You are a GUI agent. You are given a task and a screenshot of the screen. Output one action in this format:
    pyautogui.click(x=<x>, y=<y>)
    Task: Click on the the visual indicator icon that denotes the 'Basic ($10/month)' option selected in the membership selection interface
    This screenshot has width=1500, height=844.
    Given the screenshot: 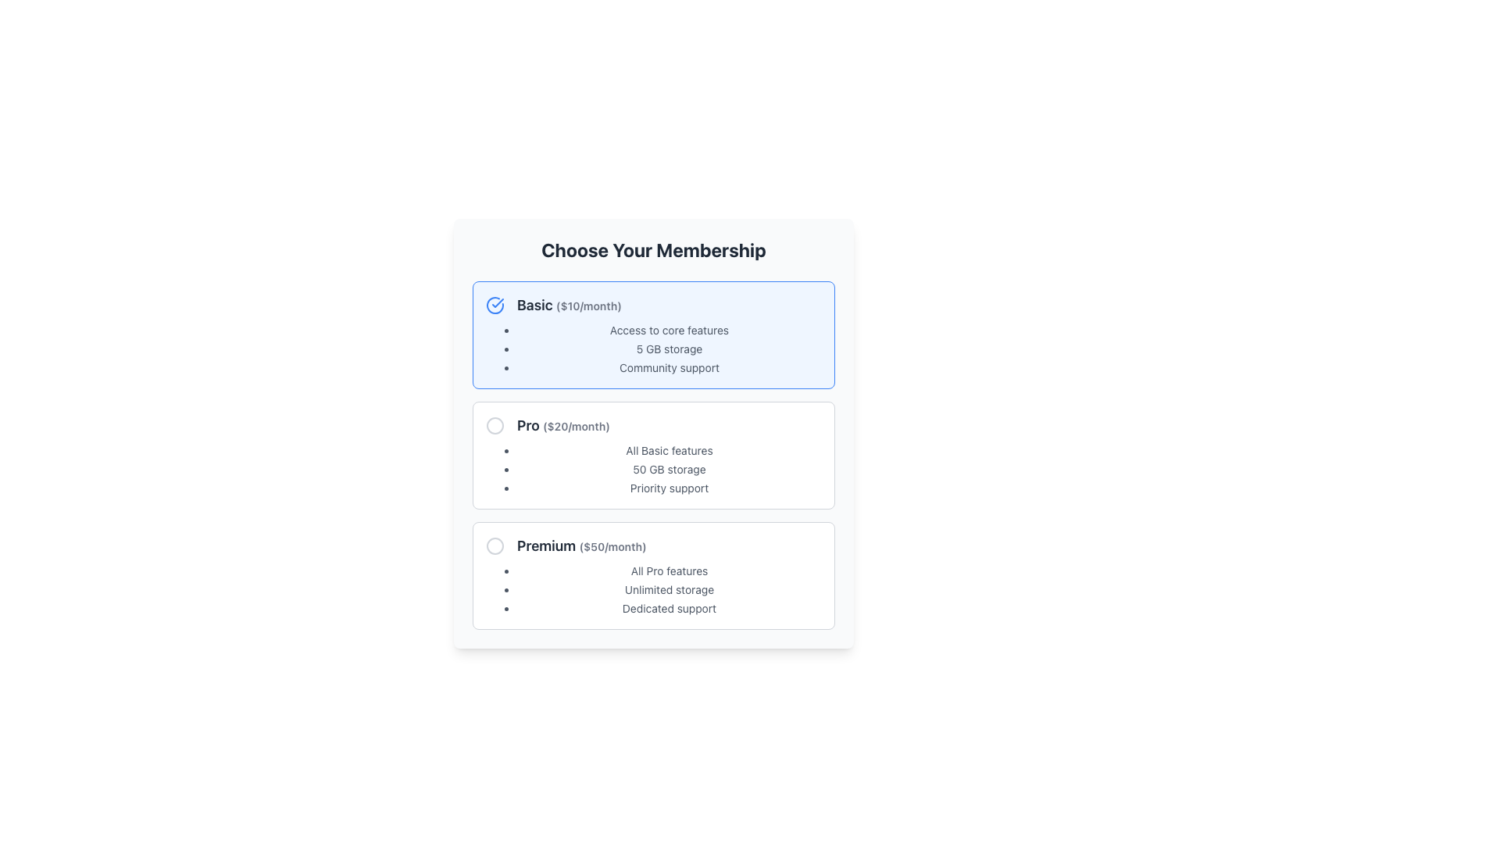 What is the action you would take?
    pyautogui.click(x=494, y=305)
    